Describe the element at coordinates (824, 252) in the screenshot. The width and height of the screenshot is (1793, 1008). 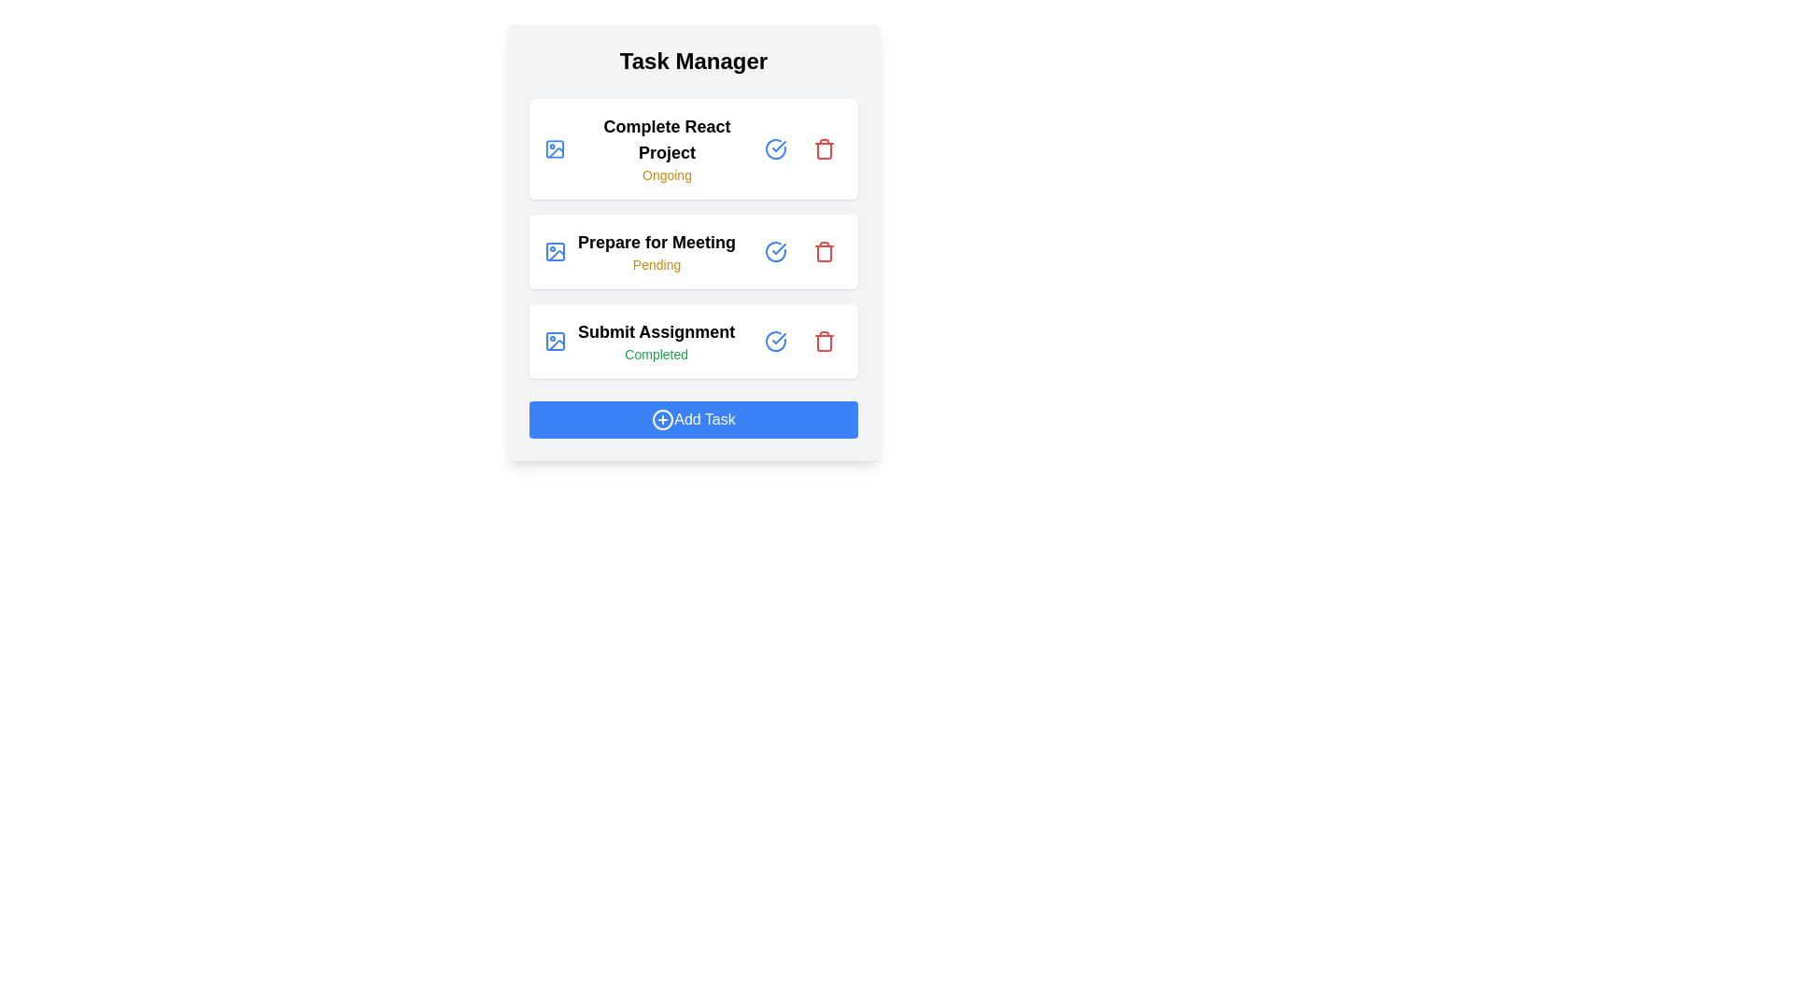
I see `'Trash' button for the task titled 'Prepare for Meeting' to delete it` at that location.